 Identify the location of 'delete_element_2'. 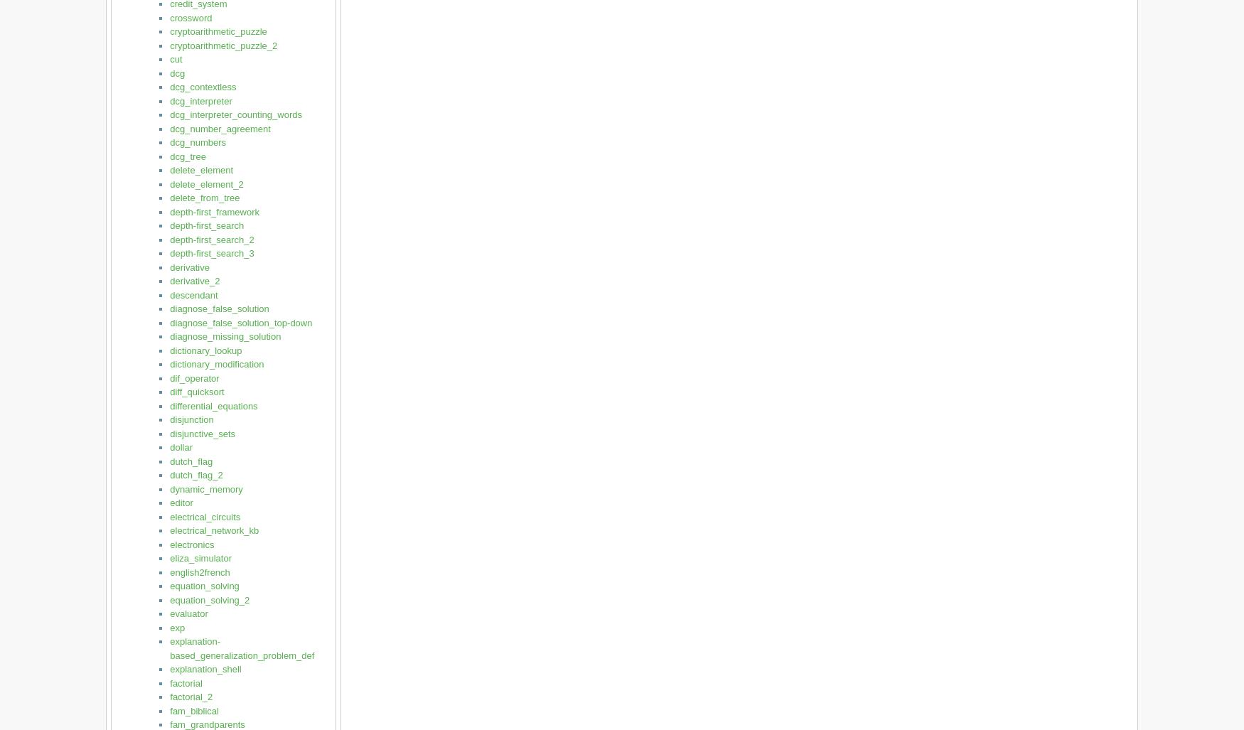
(205, 183).